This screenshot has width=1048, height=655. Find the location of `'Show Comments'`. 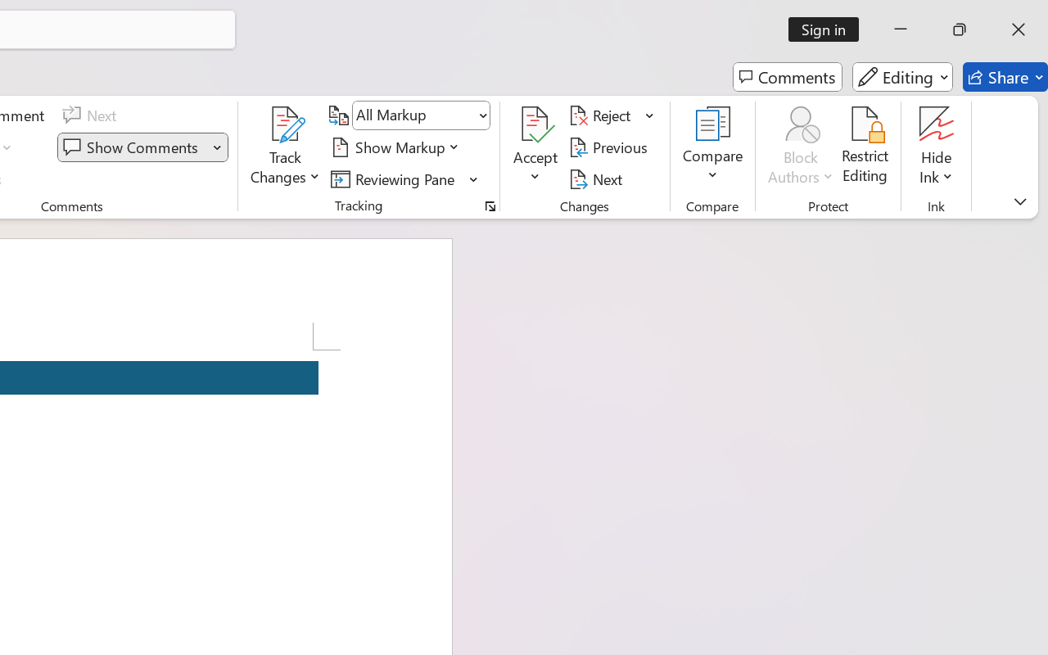

'Show Comments' is located at coordinates (142, 147).